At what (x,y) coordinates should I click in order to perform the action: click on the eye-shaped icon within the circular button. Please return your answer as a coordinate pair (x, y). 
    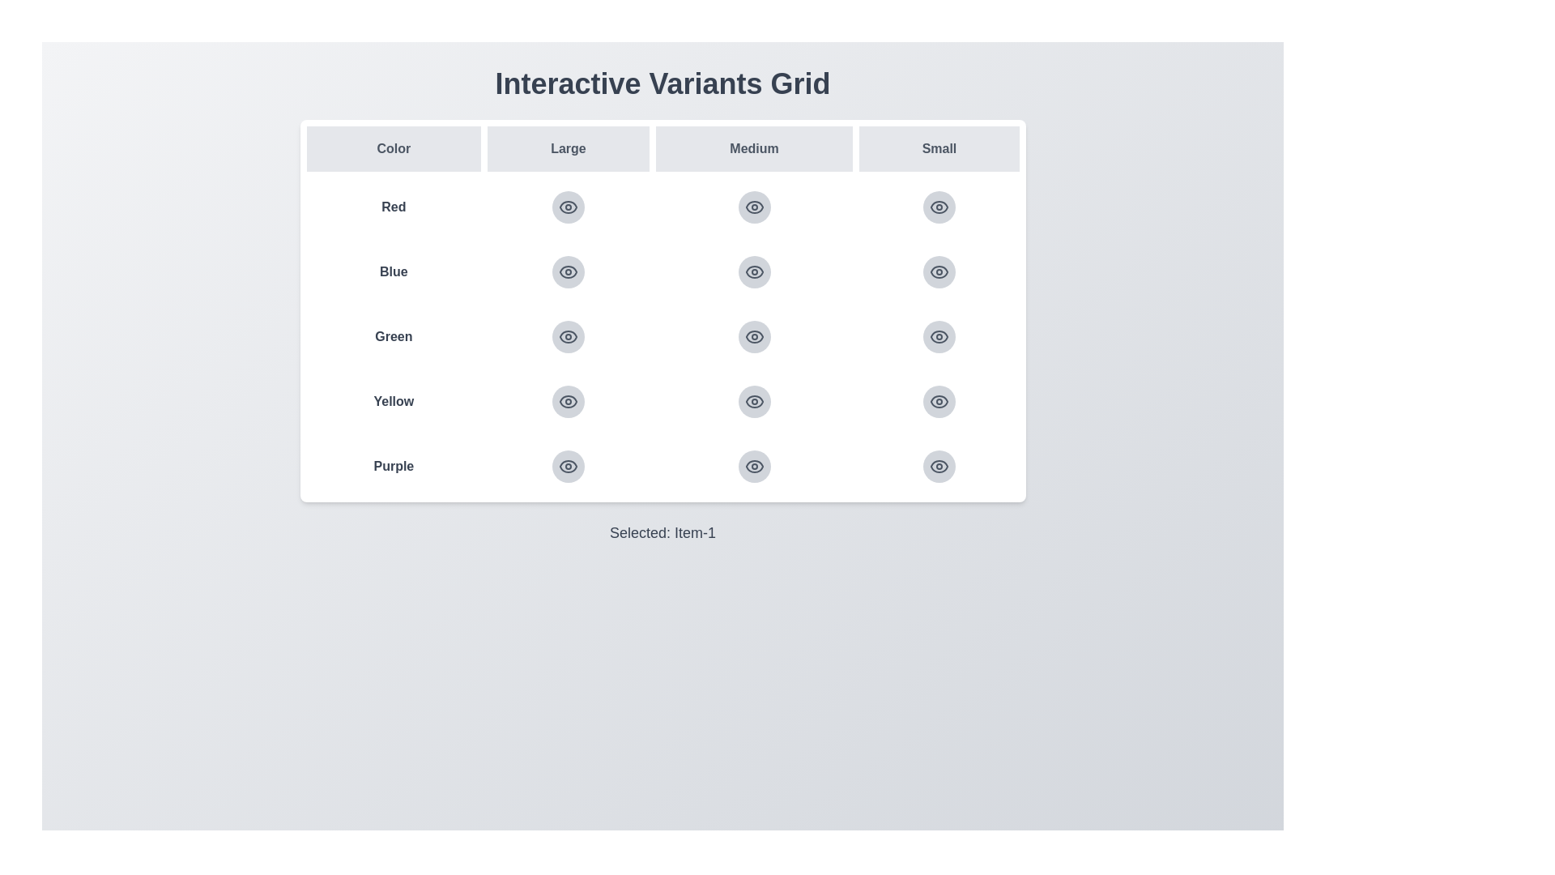
    Looking at the image, I should click on (568, 206).